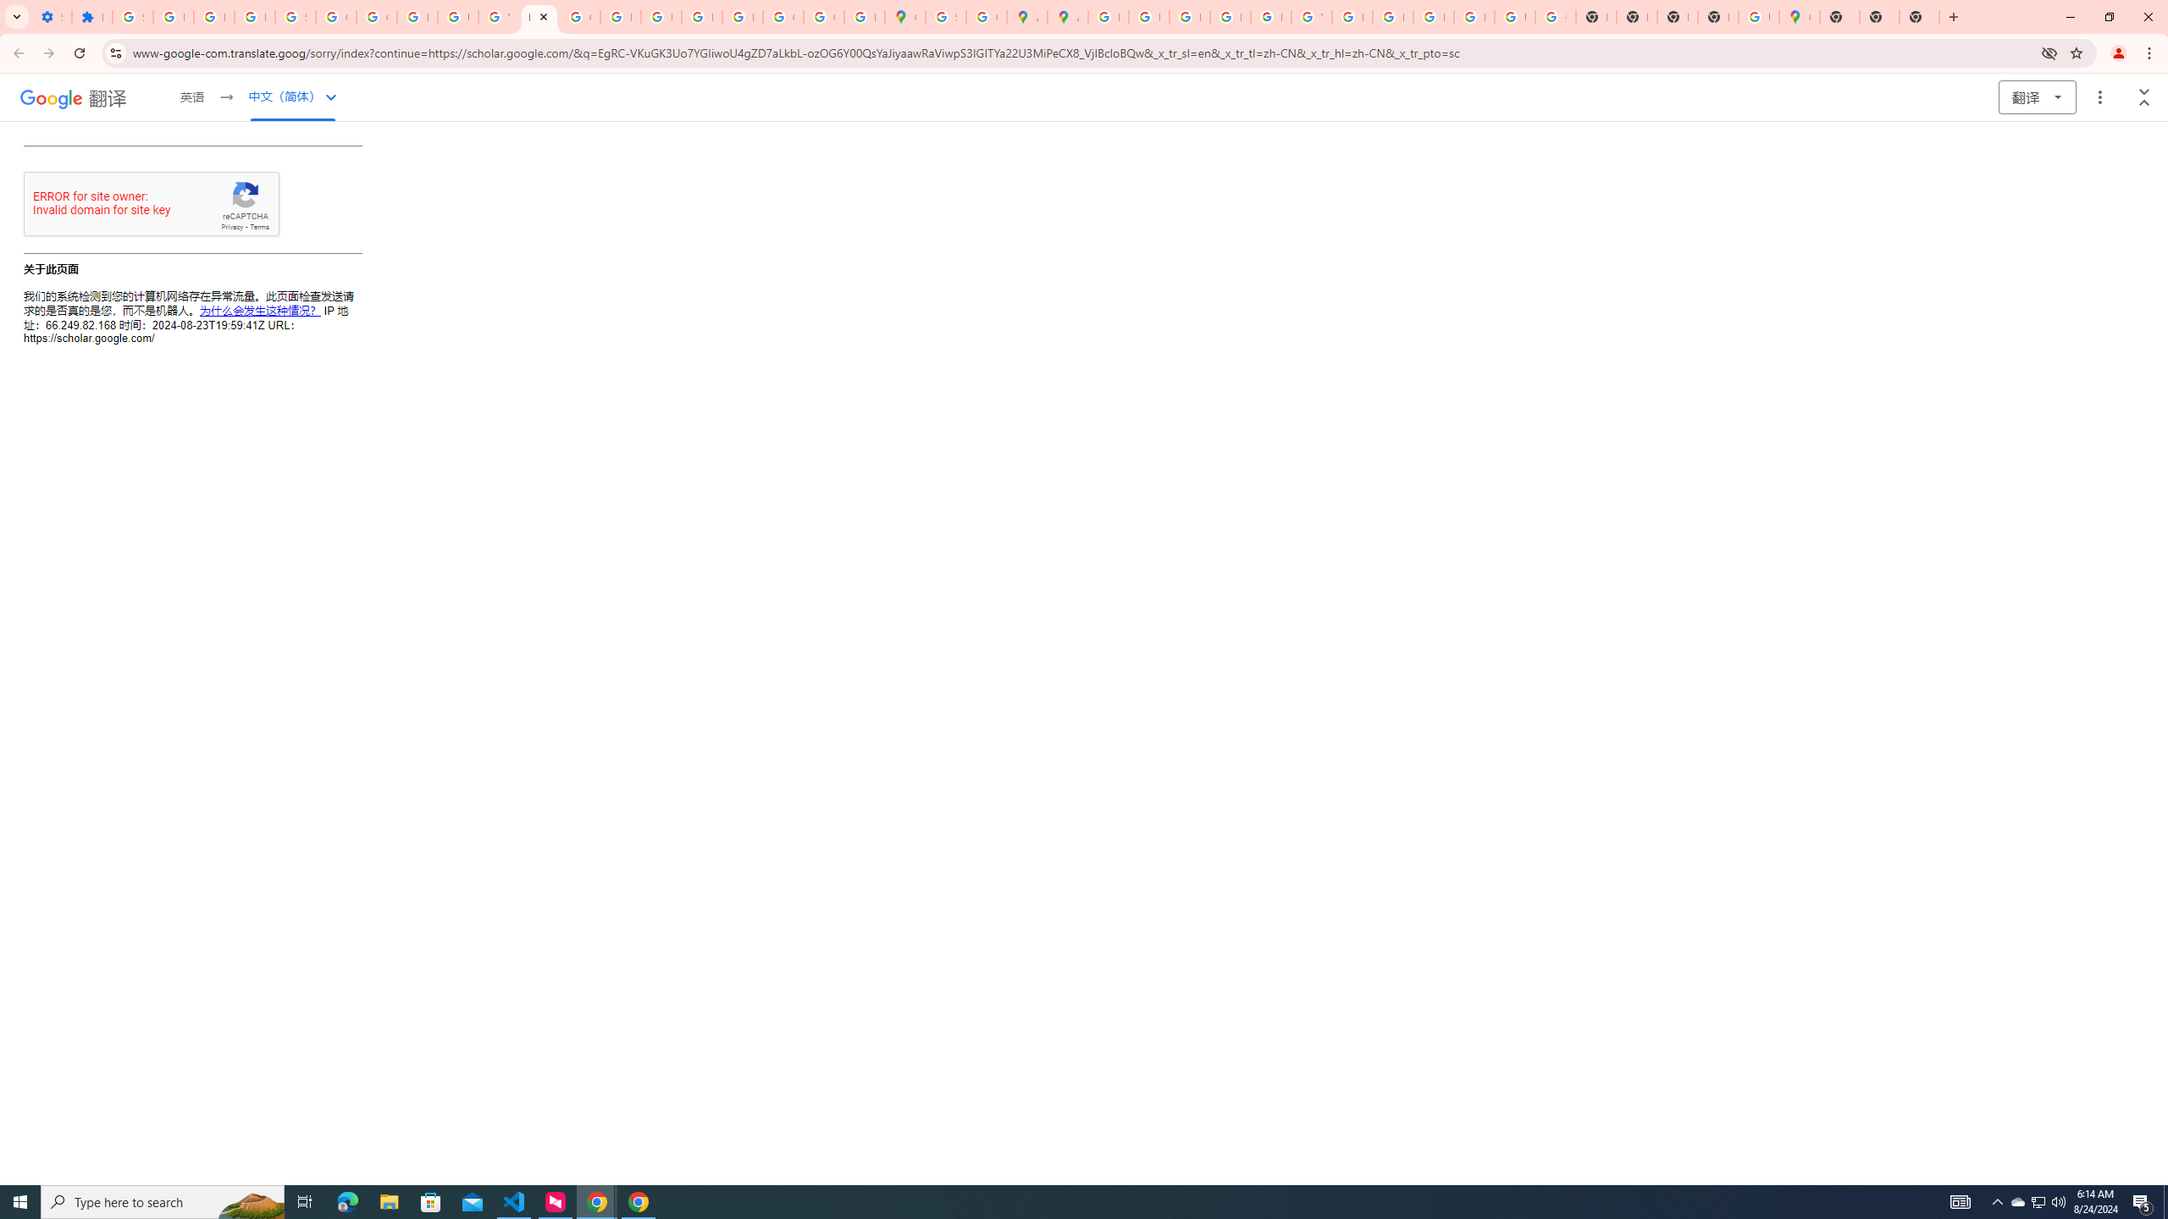 This screenshot has height=1219, width=2168. Describe the element at coordinates (1311, 16) in the screenshot. I see `'YouTube'` at that location.